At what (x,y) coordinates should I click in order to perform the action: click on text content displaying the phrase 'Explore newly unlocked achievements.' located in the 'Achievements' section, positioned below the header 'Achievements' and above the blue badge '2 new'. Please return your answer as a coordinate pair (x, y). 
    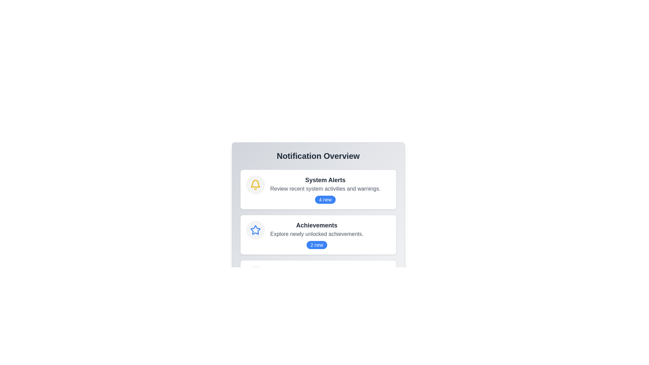
    Looking at the image, I should click on (316, 234).